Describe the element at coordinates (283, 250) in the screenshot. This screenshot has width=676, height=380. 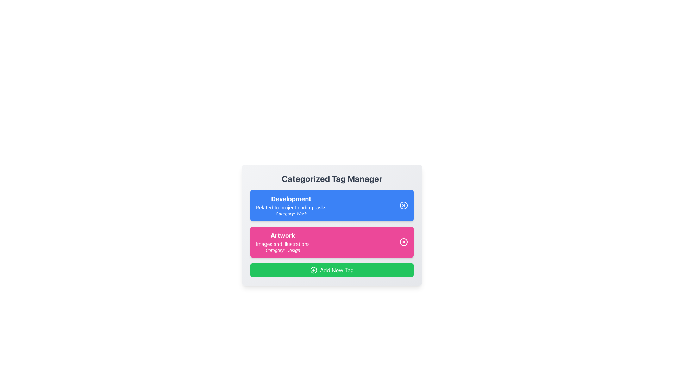
I see `italicized text label that displays 'Category: Design' located at the bottom left of the pink card labeled 'Artwork.'` at that location.